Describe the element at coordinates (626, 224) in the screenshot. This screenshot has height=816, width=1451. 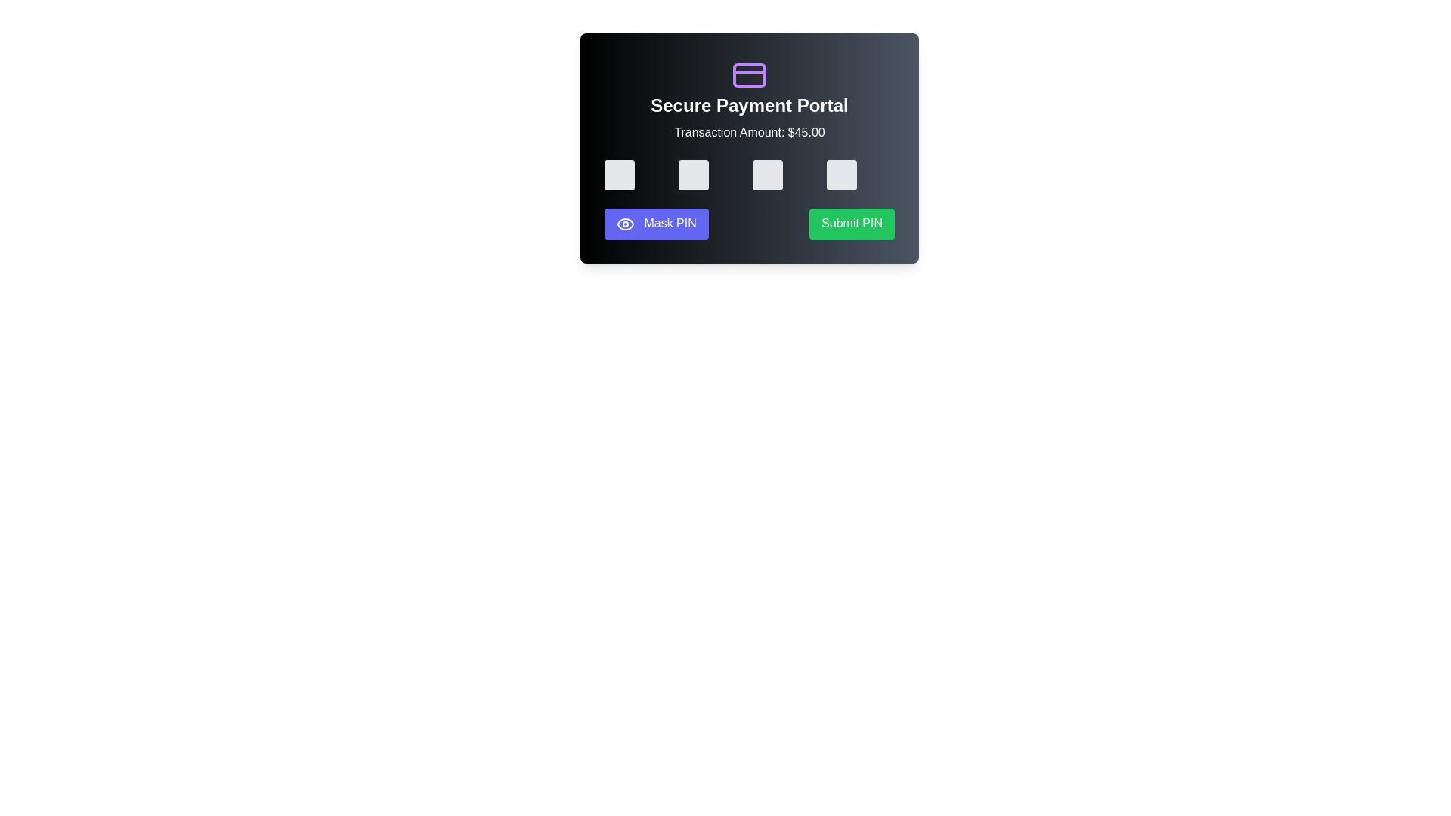
I see `the icon located to the left of the 'Mask PIN' button` at that location.